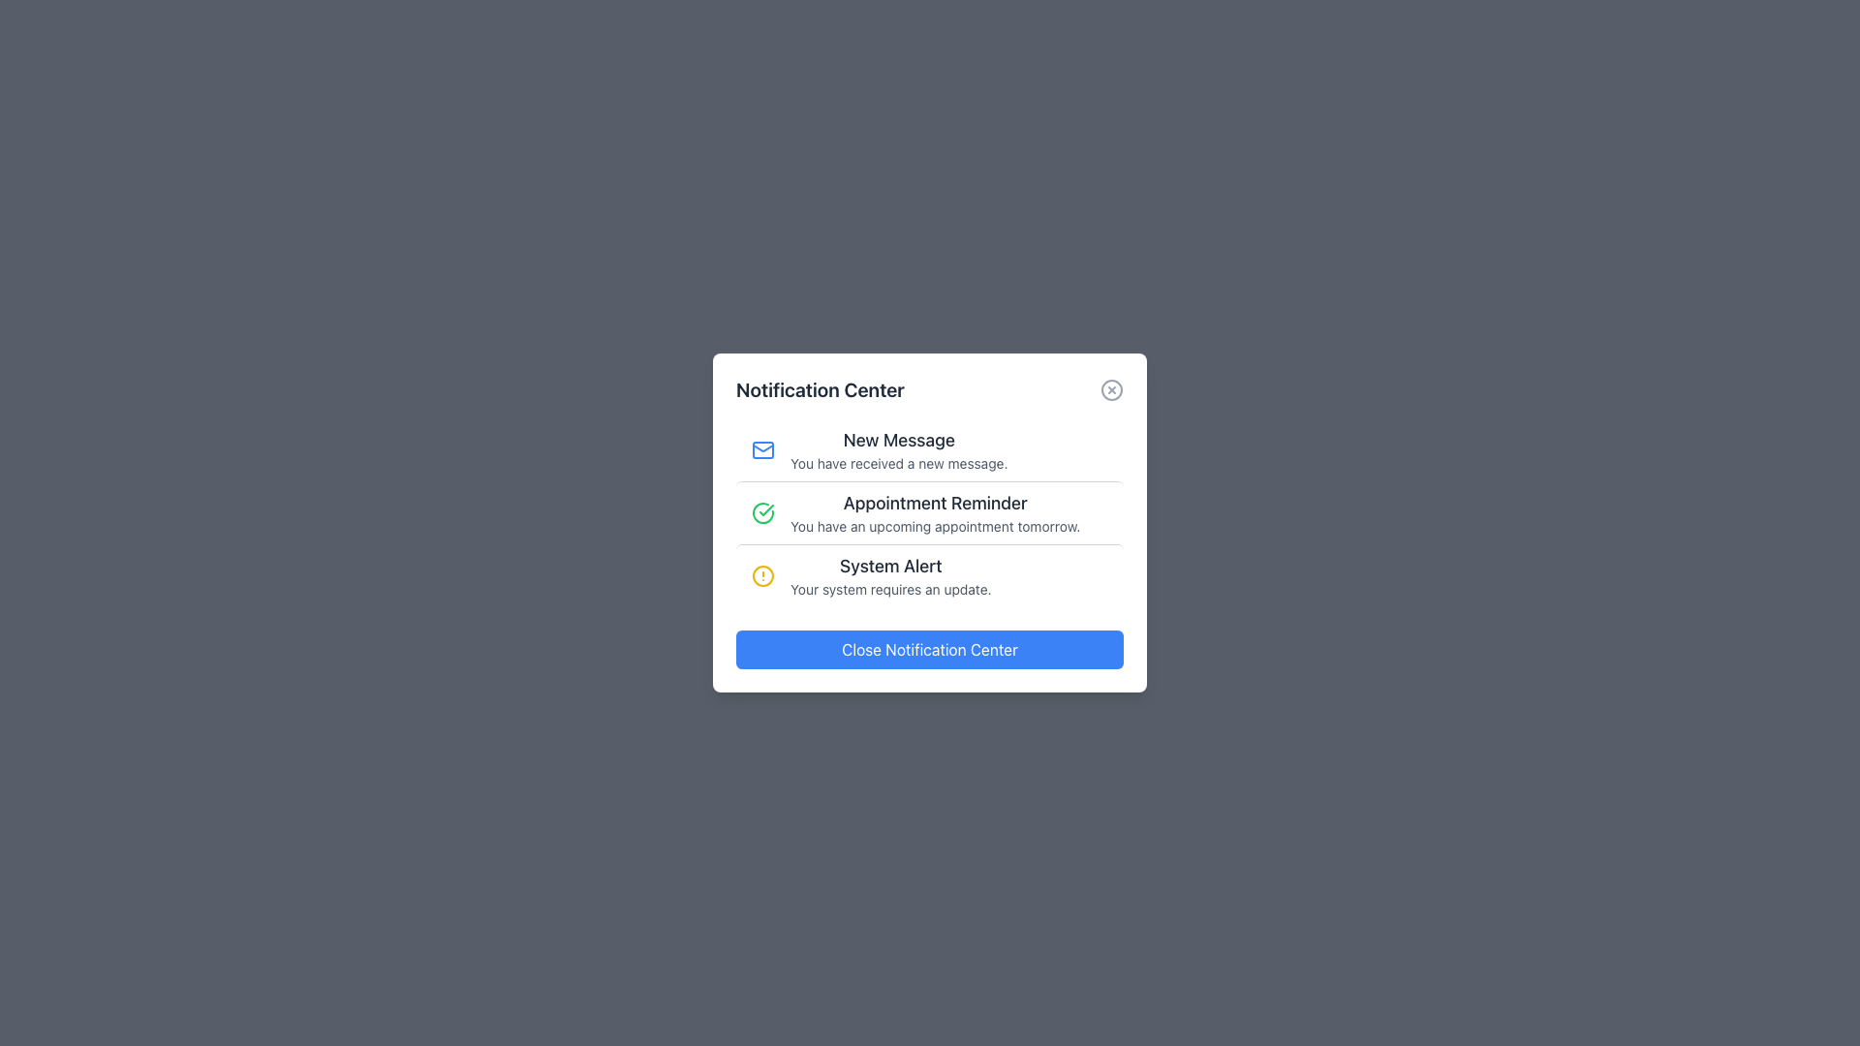  What do you see at coordinates (930, 574) in the screenshot?
I see `the third notification item that alerts the user about a system requirement, located within a white card-like box at the bottom of the notification list` at bounding box center [930, 574].